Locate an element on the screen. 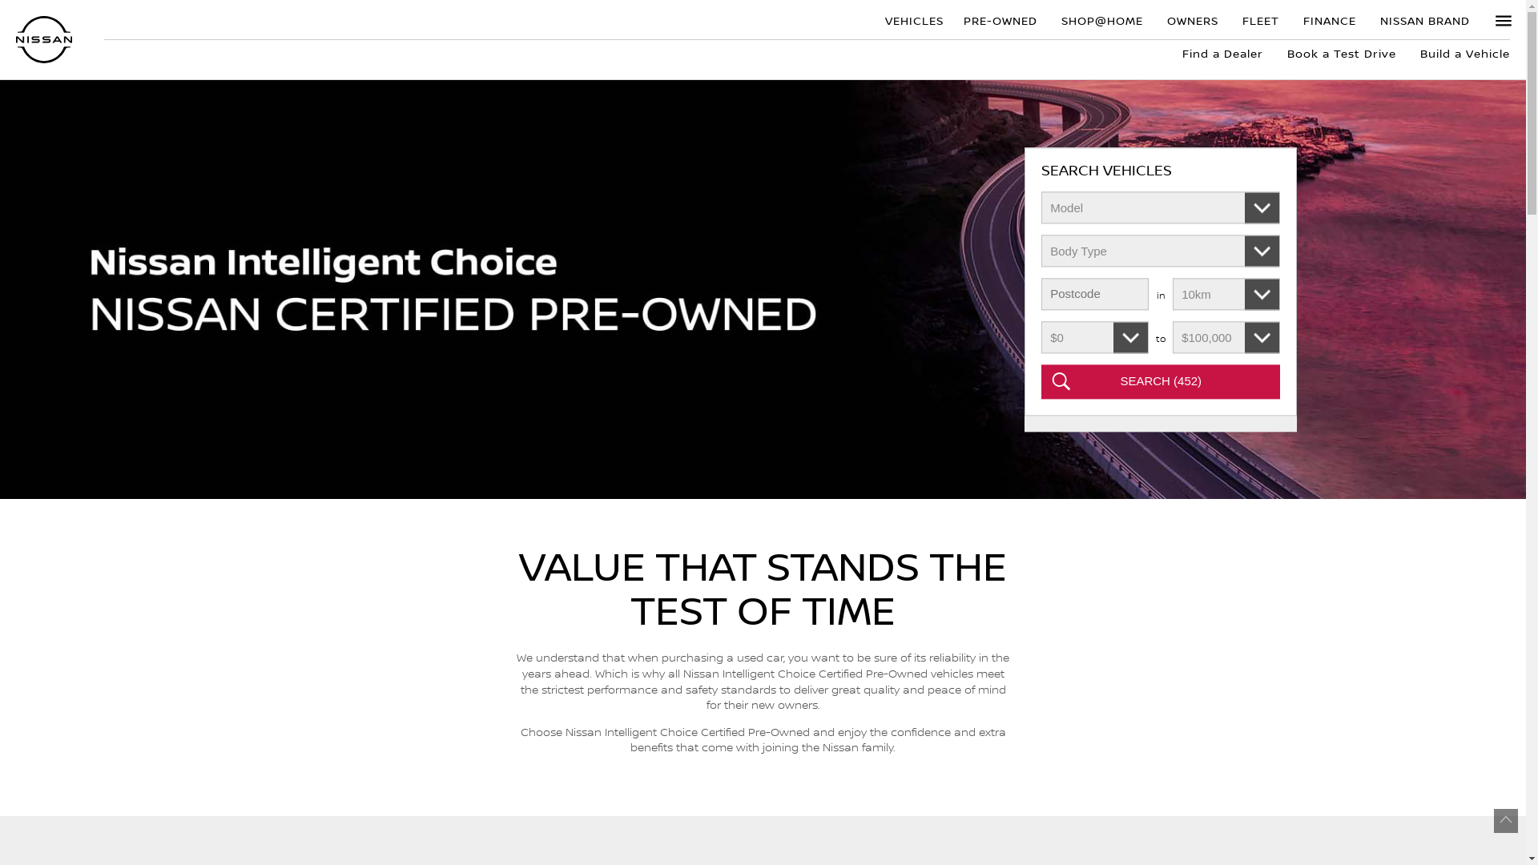 Image resolution: width=1538 pixels, height=865 pixels. 'VEHICLES' is located at coordinates (912, 19).